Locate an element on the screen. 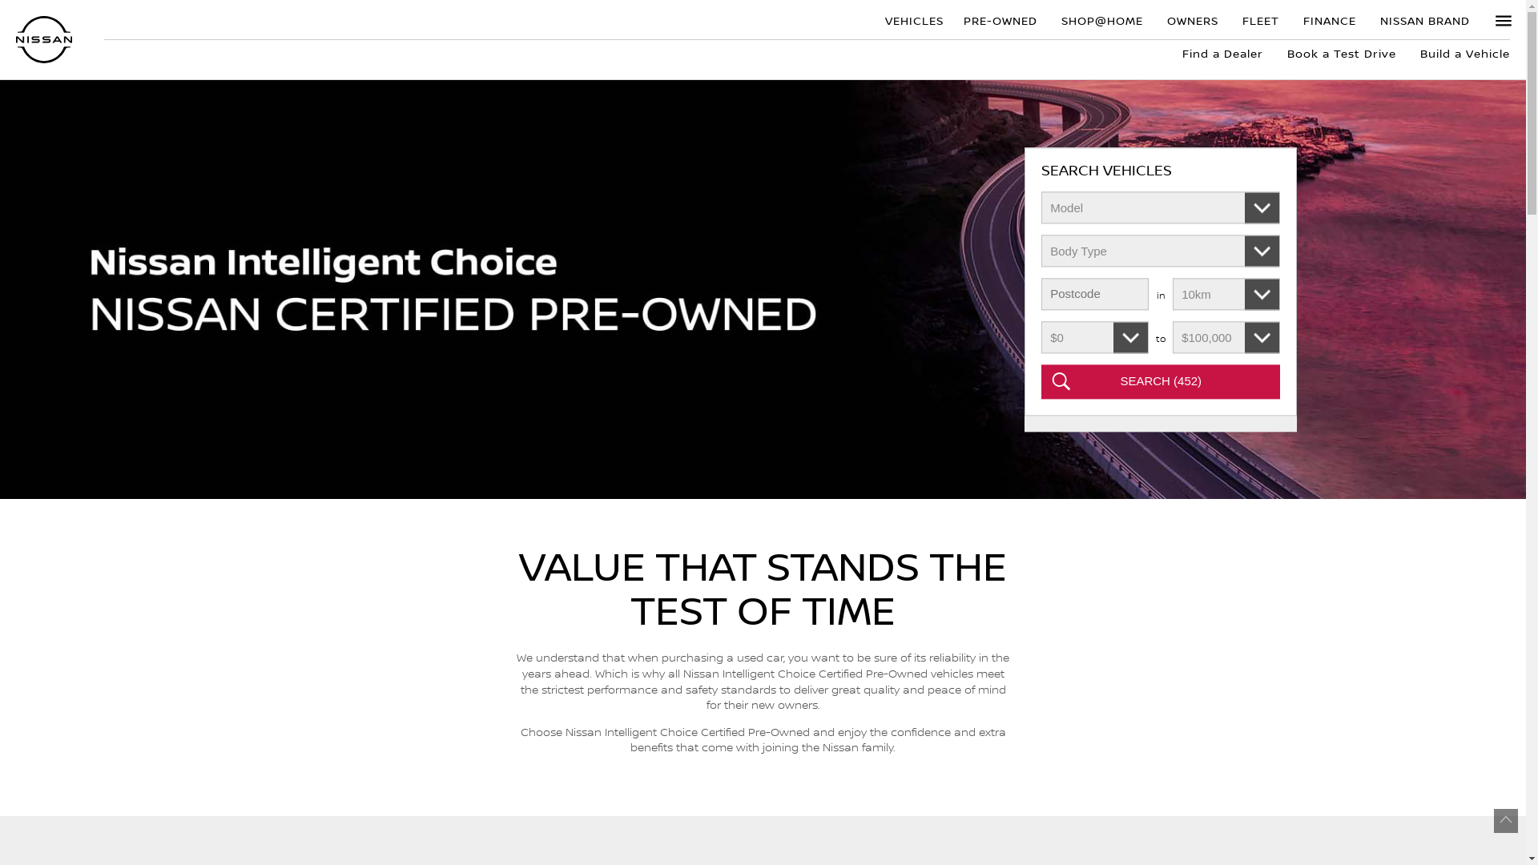 Image resolution: width=1538 pixels, height=865 pixels. 'VEHICLES' is located at coordinates (912, 19).